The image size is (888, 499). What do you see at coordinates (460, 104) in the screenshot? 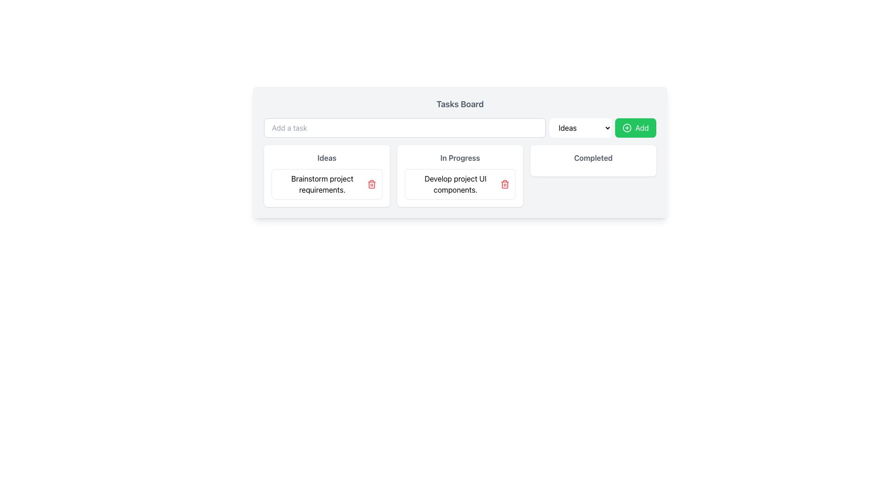
I see `text label that serves as the title for the 'Tasks Board' section, located at the top center of its containing section` at bounding box center [460, 104].